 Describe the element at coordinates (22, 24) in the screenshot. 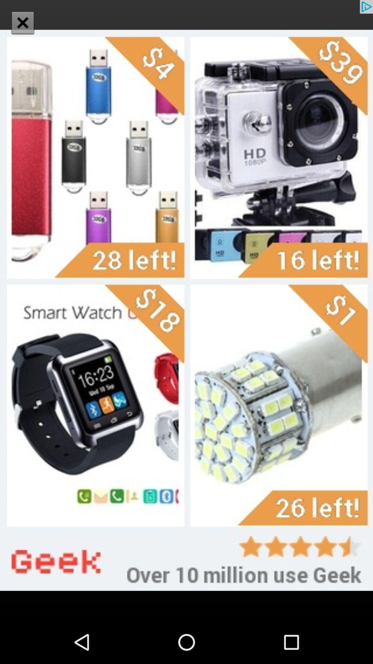

I see `the close icon` at that location.